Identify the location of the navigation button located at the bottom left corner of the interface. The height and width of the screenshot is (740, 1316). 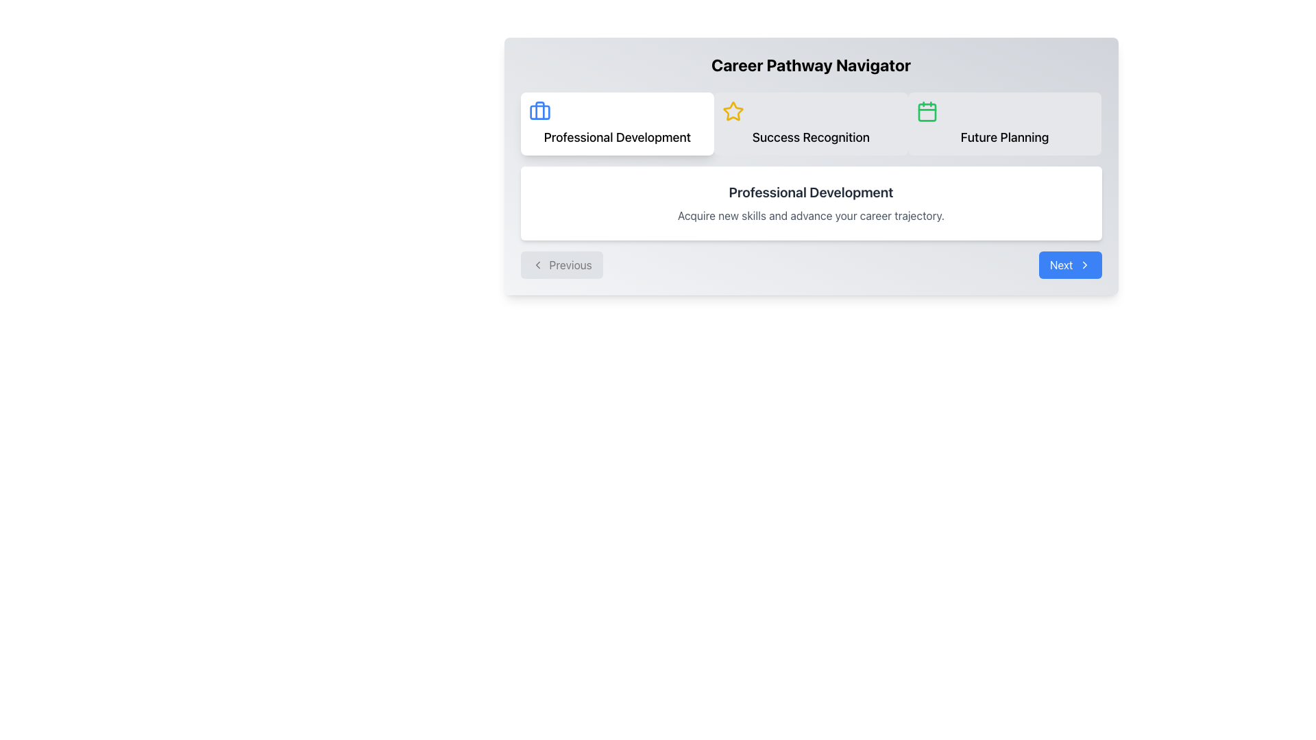
(561, 264).